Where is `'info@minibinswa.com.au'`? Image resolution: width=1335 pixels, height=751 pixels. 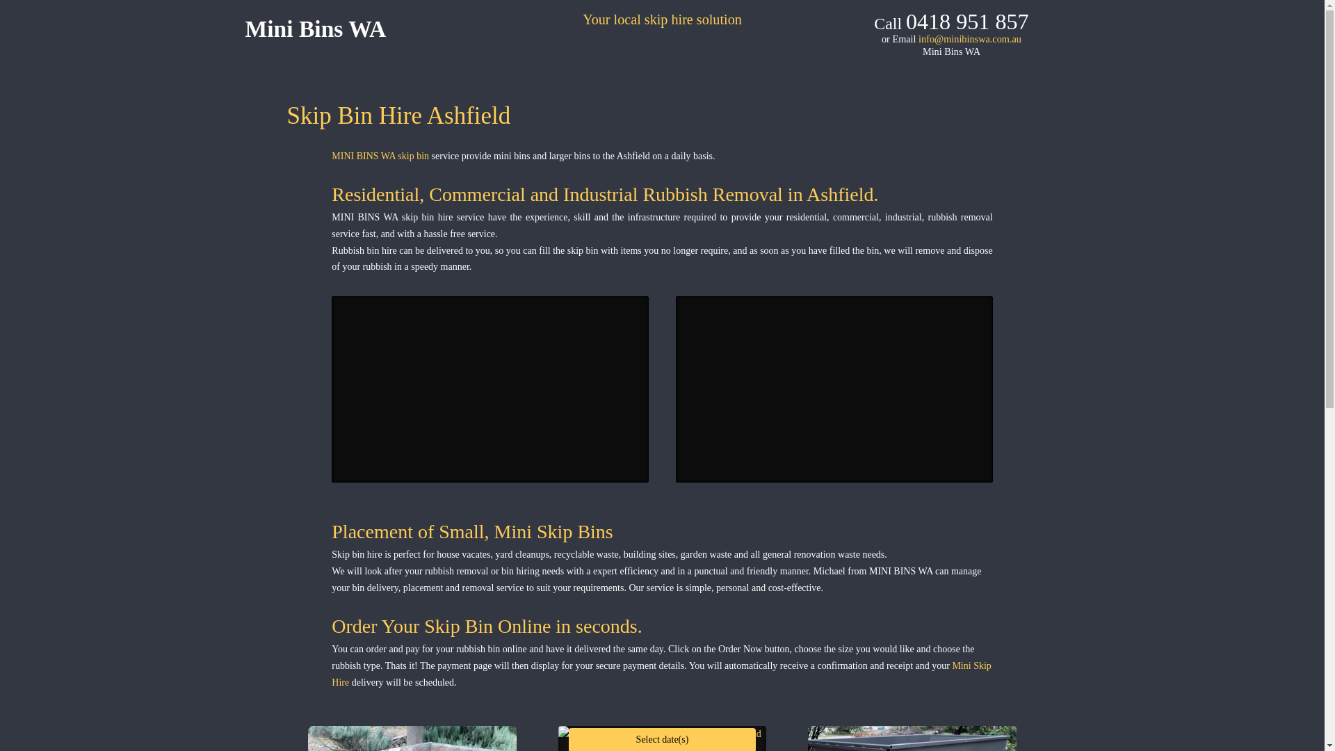 'info@minibinswa.com.au' is located at coordinates (969, 38).